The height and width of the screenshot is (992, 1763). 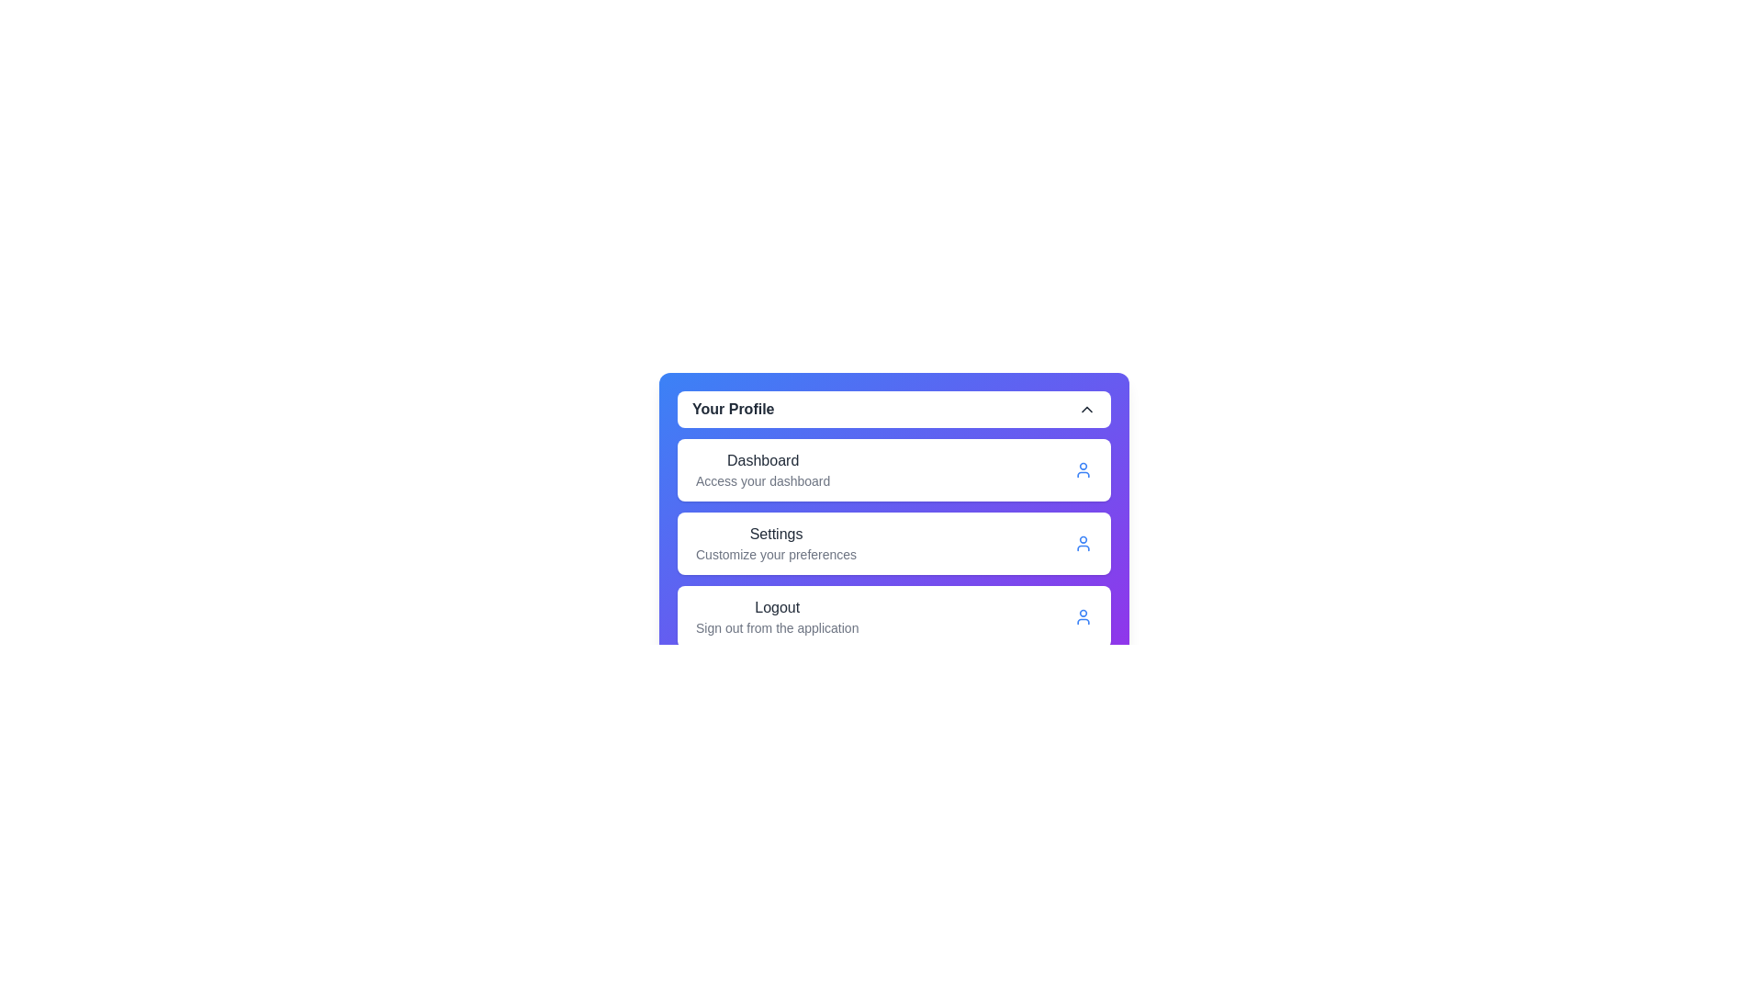 What do you see at coordinates (894, 469) in the screenshot?
I see `the menu item Dashboard in the StyledProfileMenu` at bounding box center [894, 469].